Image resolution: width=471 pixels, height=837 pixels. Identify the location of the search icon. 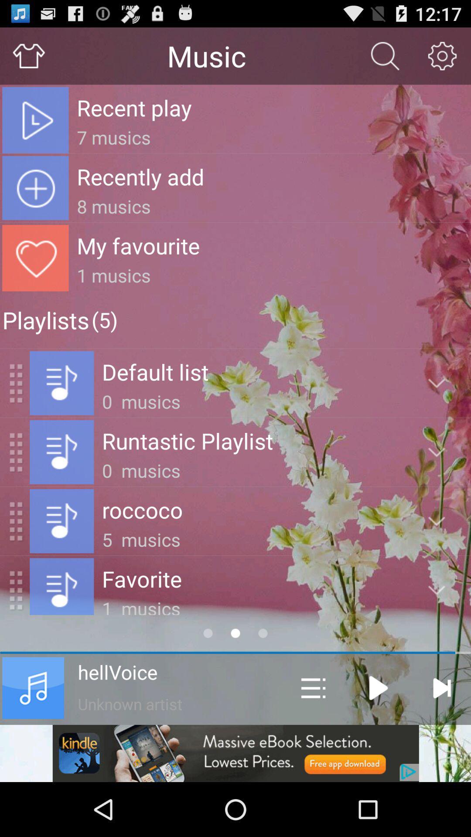
(385, 59).